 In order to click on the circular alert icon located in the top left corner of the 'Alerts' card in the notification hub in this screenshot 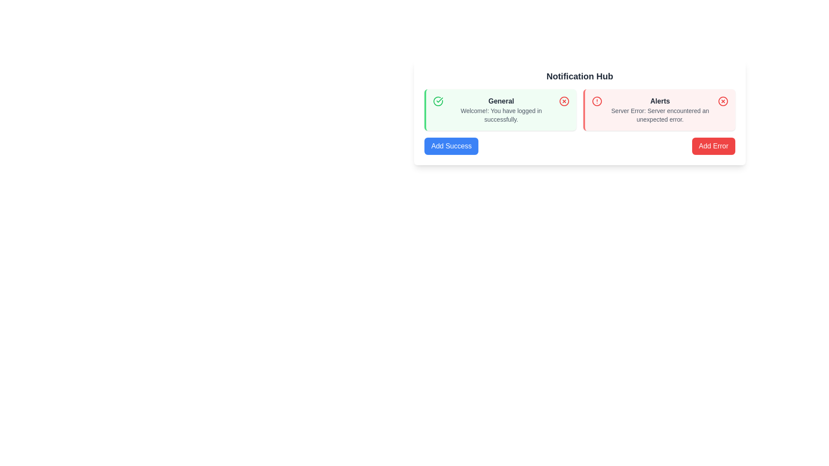, I will do `click(596, 101)`.